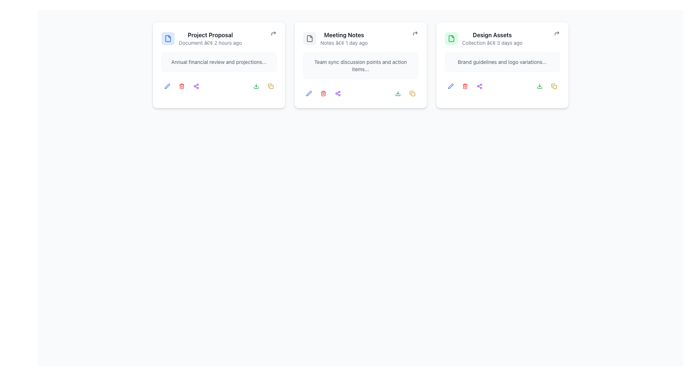 This screenshot has height=390, width=694. What do you see at coordinates (337, 93) in the screenshot?
I see `the sharing icon button located in the secondary action bar beneath the 'Meeting Notes' card` at bounding box center [337, 93].